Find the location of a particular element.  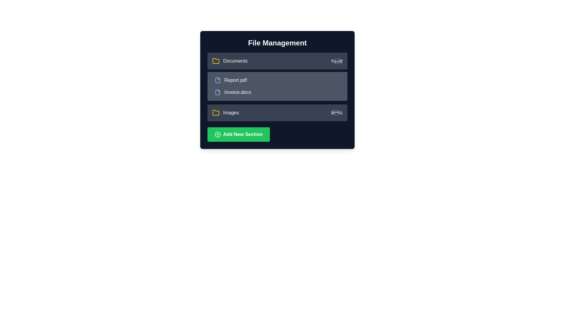

the first selectable item in the 'File Management' section is located at coordinates (277, 80).